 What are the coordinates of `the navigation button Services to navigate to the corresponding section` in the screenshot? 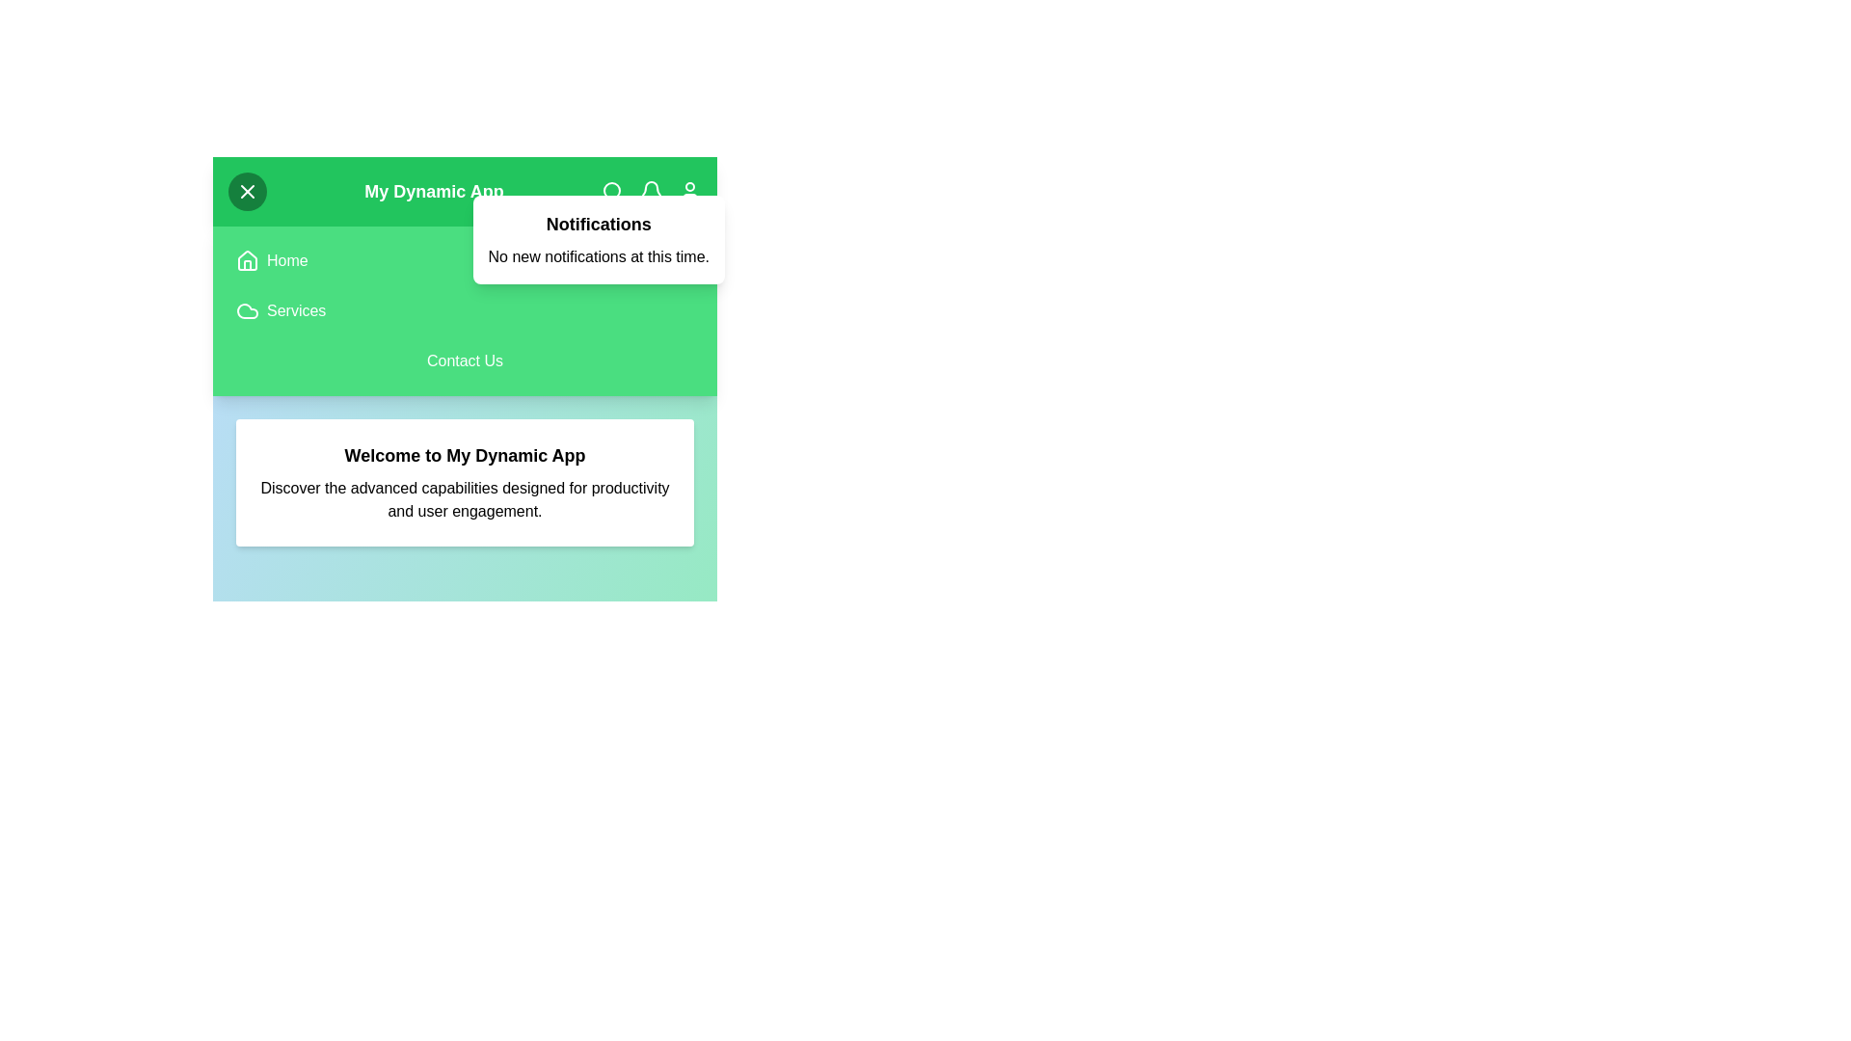 It's located at (295, 310).